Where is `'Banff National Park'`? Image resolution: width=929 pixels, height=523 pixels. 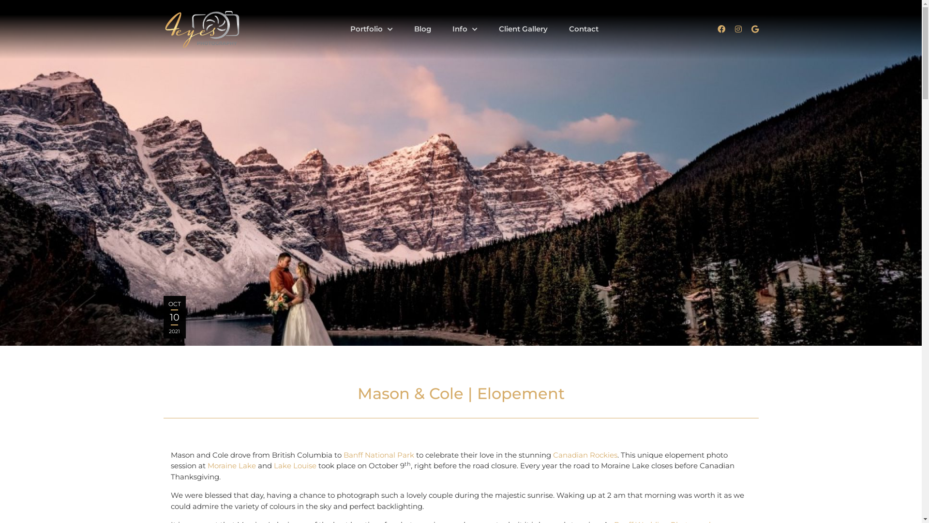
'Banff National Park' is located at coordinates (378, 455).